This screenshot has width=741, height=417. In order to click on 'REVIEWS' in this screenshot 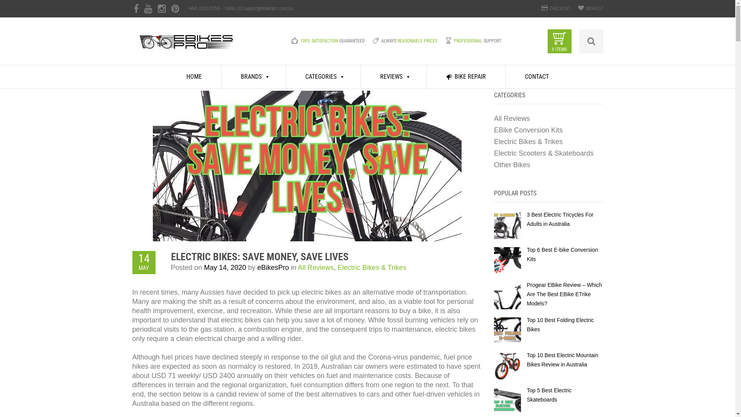, I will do `click(394, 77)`.